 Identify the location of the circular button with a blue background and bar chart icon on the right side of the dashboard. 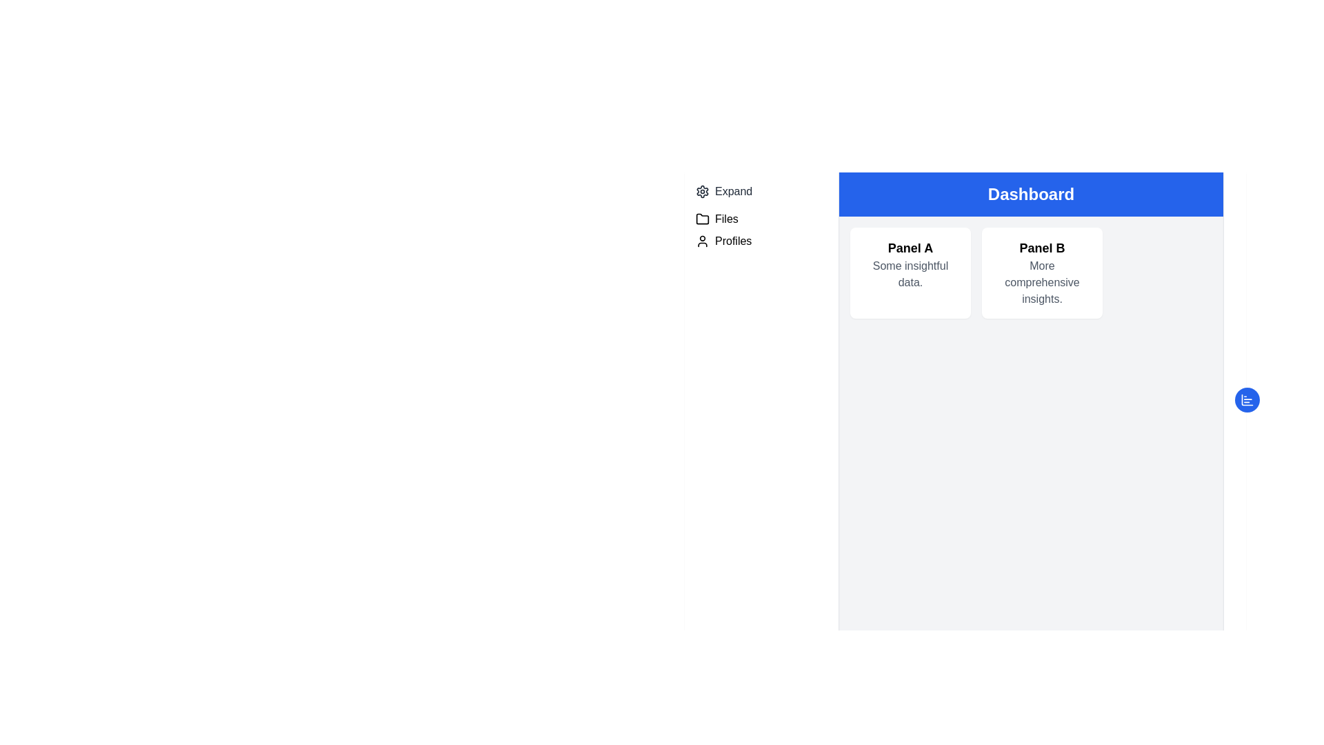
(1247, 399).